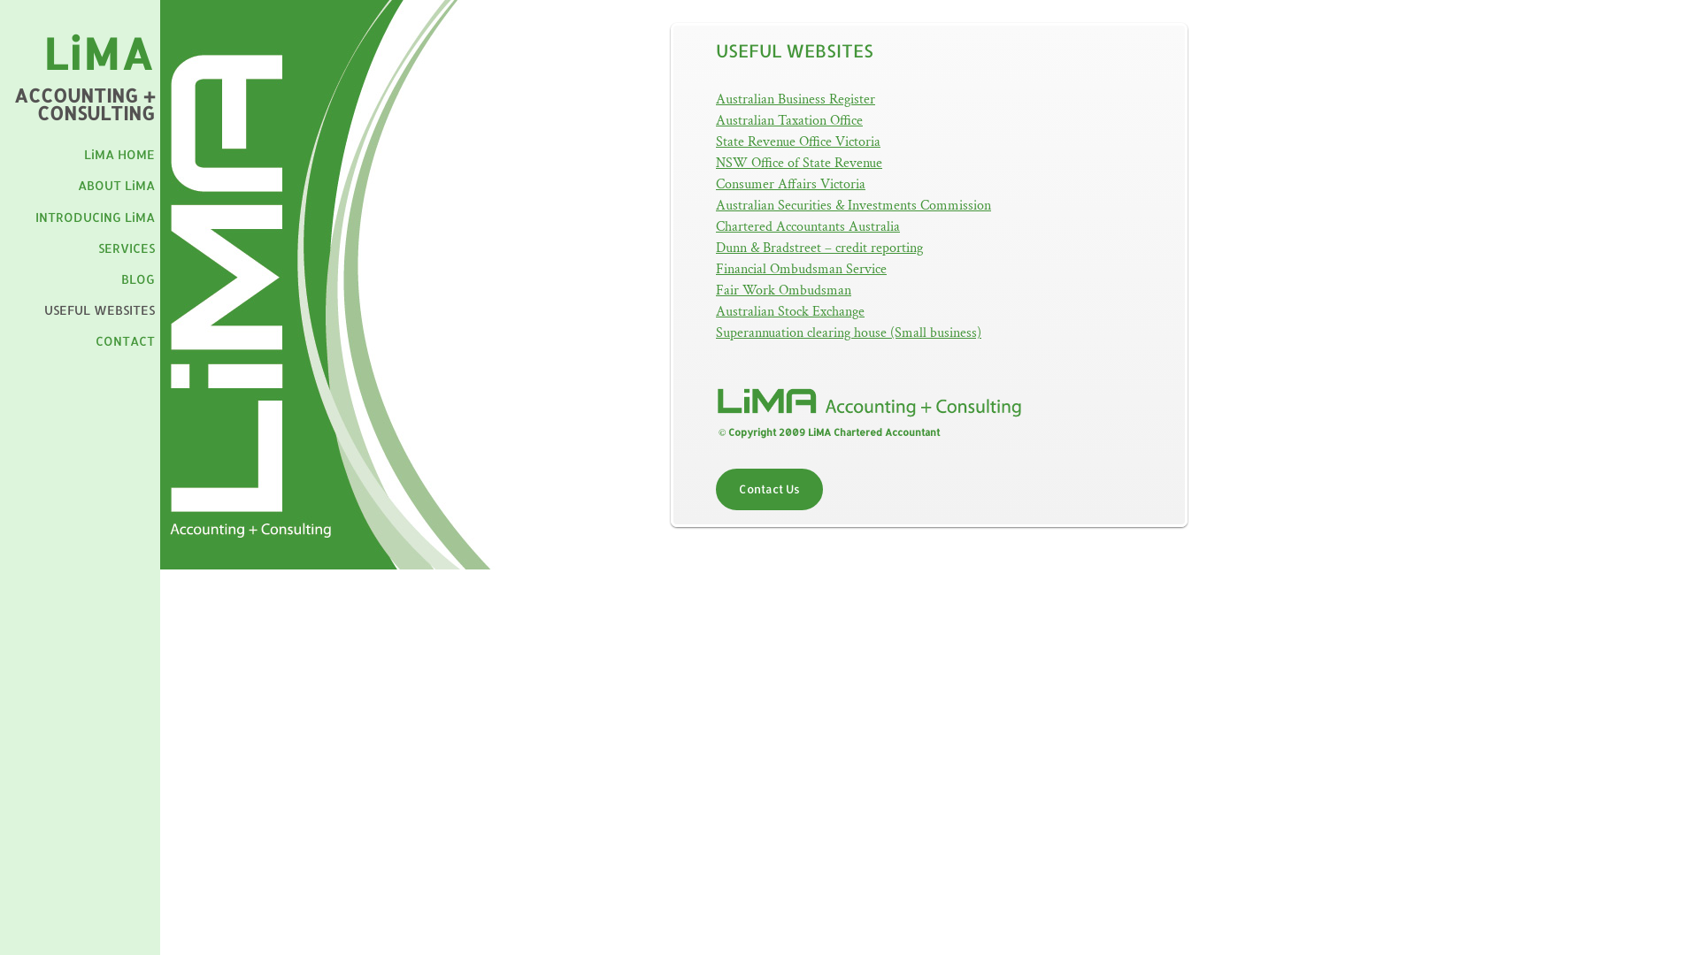 This screenshot has height=955, width=1699. I want to click on 'Australian Stock Exchange', so click(788, 310).